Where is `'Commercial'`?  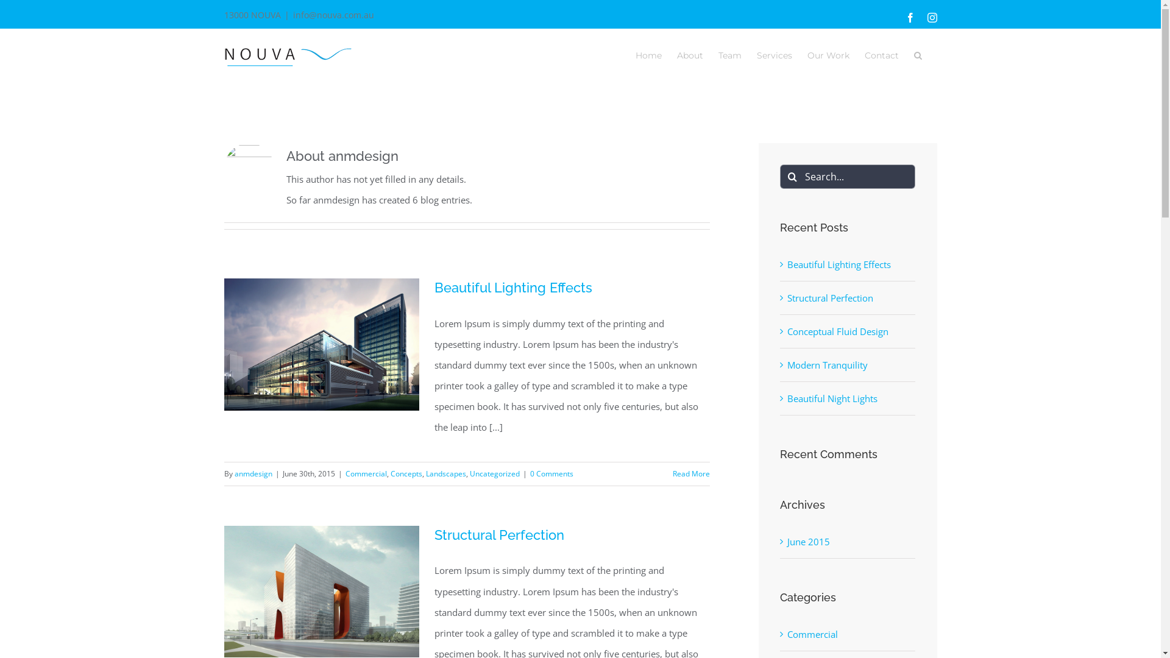 'Commercial' is located at coordinates (848, 634).